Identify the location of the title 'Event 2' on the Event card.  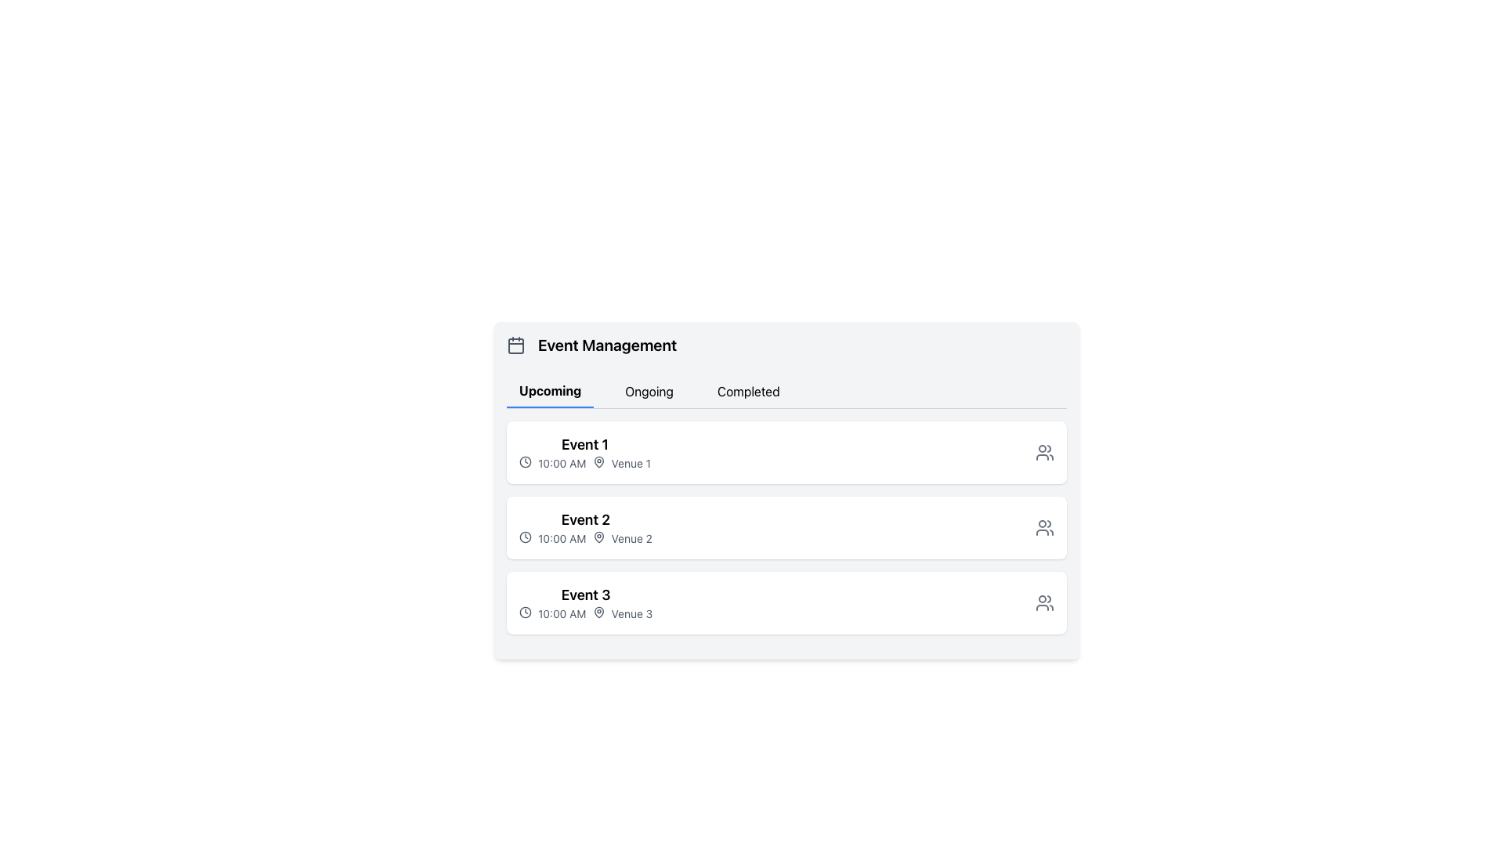
(585, 528).